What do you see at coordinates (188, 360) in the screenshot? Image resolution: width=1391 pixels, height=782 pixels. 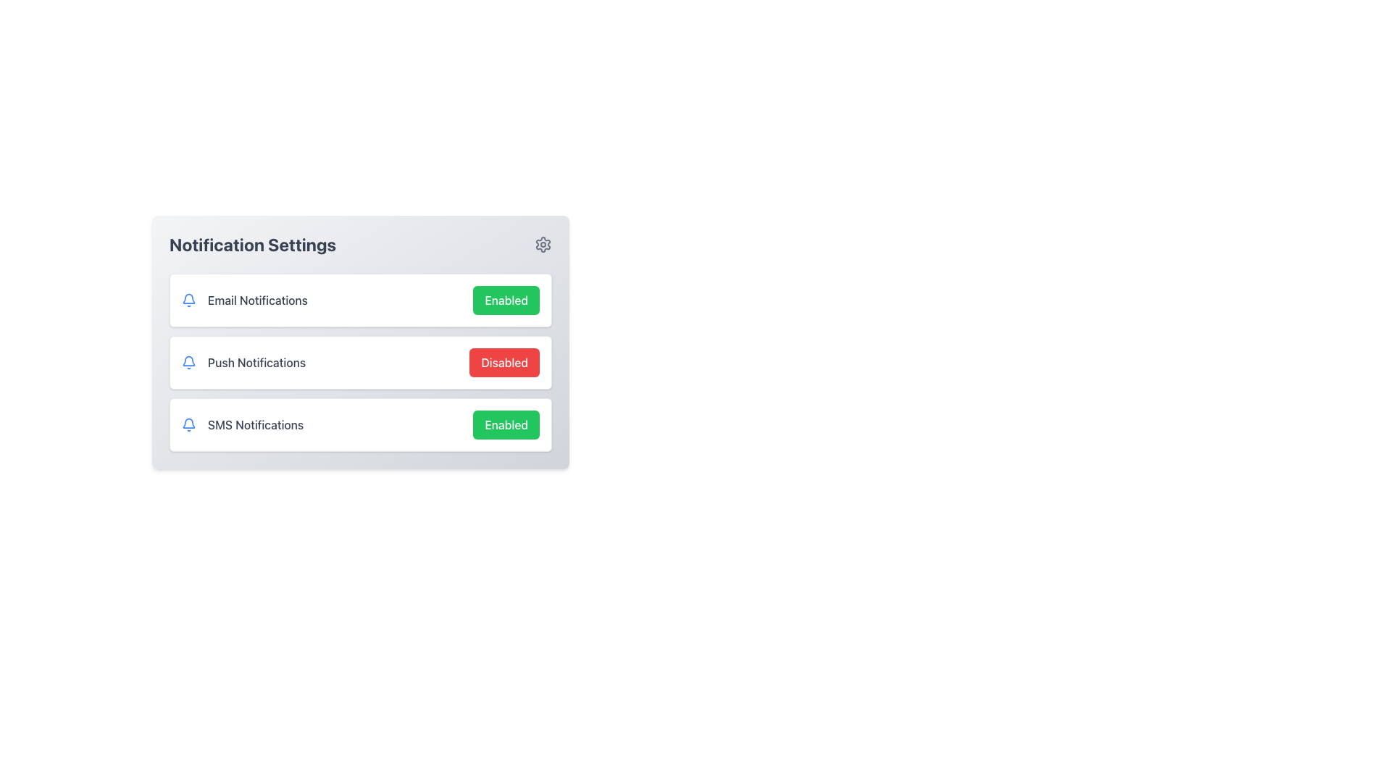 I see `the notification icon that indicates notification-related settings, located to the left of the 'Push Notifications' label` at bounding box center [188, 360].